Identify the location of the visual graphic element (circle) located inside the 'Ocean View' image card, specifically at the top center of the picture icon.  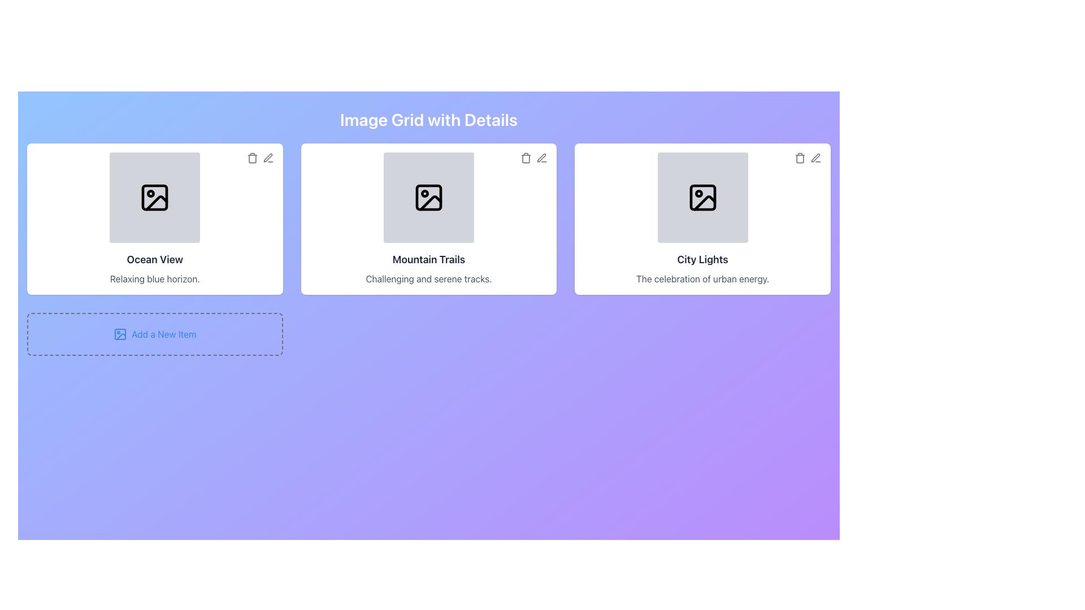
(150, 193).